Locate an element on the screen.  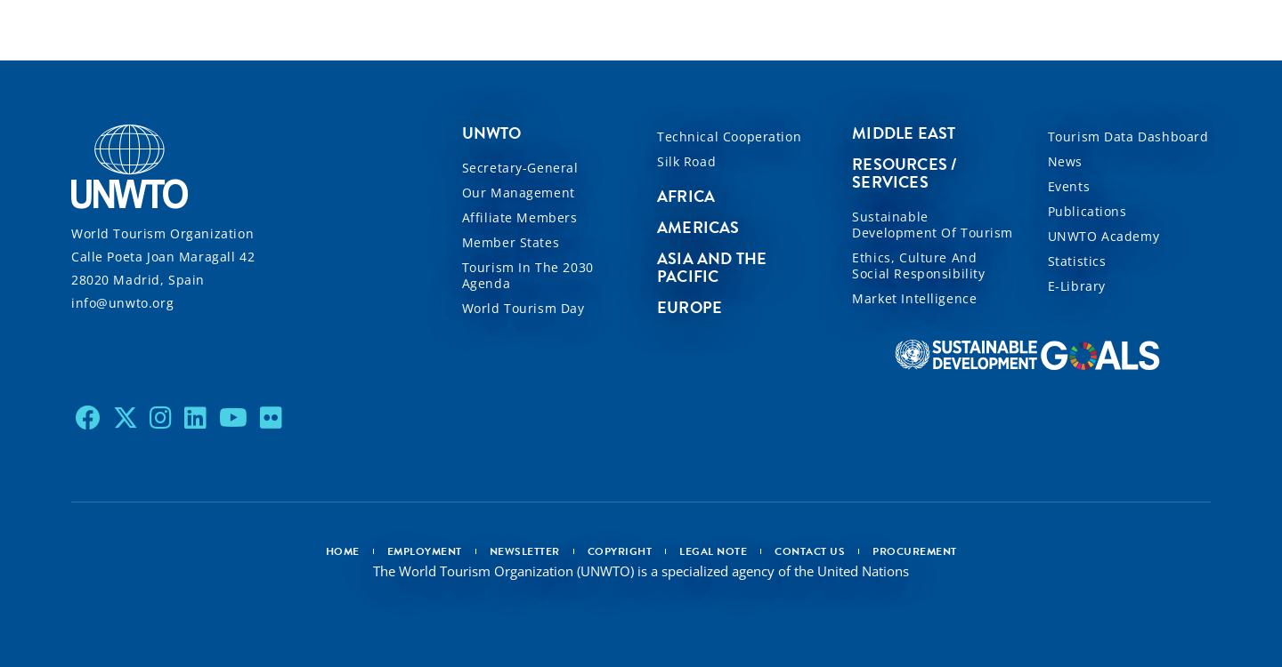
'Market Intelligence' is located at coordinates (914, 296).